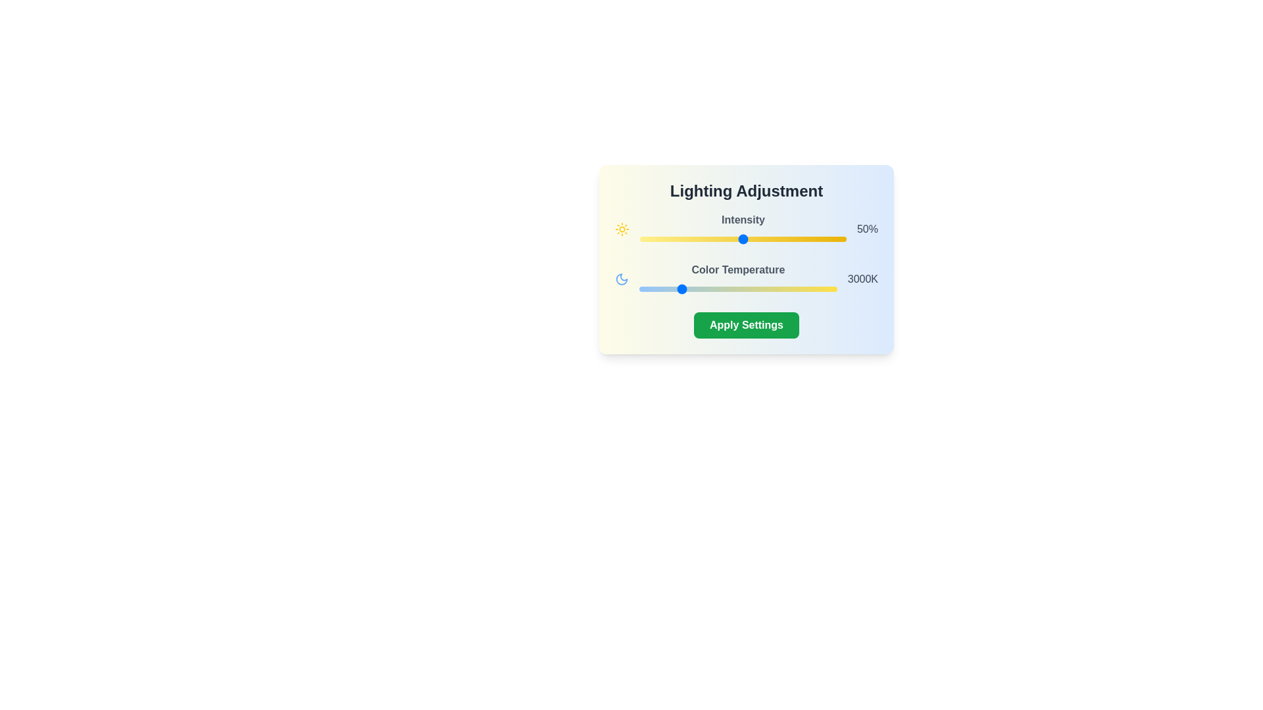 The height and width of the screenshot is (710, 1263). What do you see at coordinates (664, 288) in the screenshot?
I see `the color temperature slider to set it to 2619 Kelvin` at bounding box center [664, 288].